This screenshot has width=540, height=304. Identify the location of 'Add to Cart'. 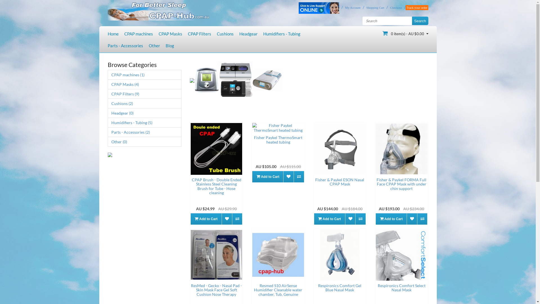
(190, 219).